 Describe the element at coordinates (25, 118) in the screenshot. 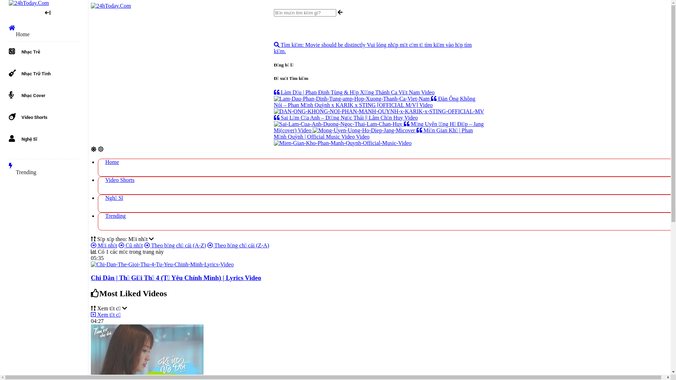

I see `'Video Shorts'` at that location.